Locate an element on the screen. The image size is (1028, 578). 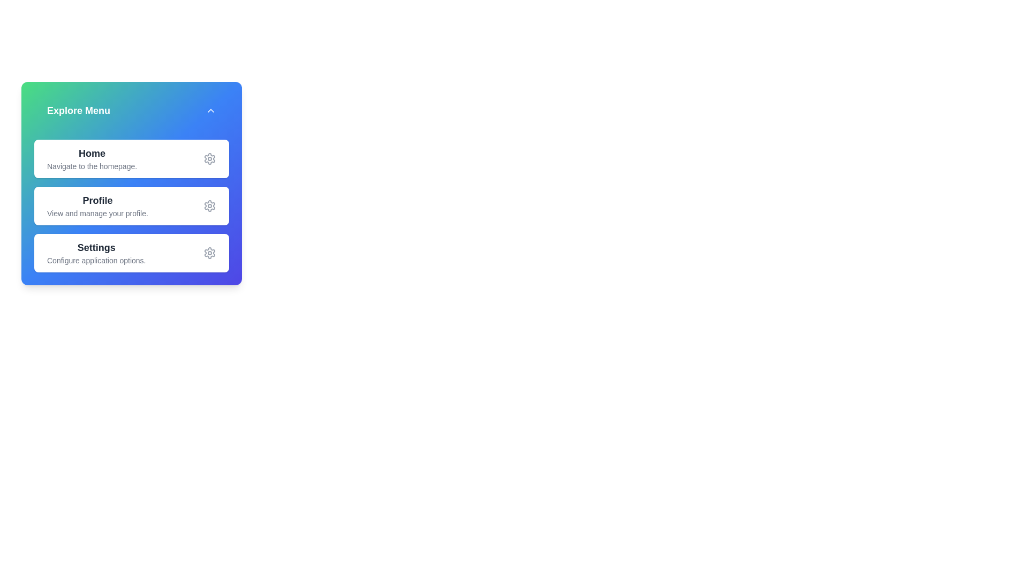
the description of the menu item Settings is located at coordinates (96, 253).